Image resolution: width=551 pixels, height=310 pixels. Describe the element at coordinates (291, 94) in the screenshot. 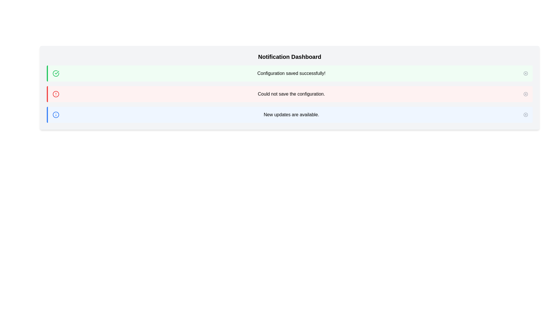

I see `the text label that displays 'Could not save the configuration.' in red color, which is centrally positioned within a notification card` at that location.